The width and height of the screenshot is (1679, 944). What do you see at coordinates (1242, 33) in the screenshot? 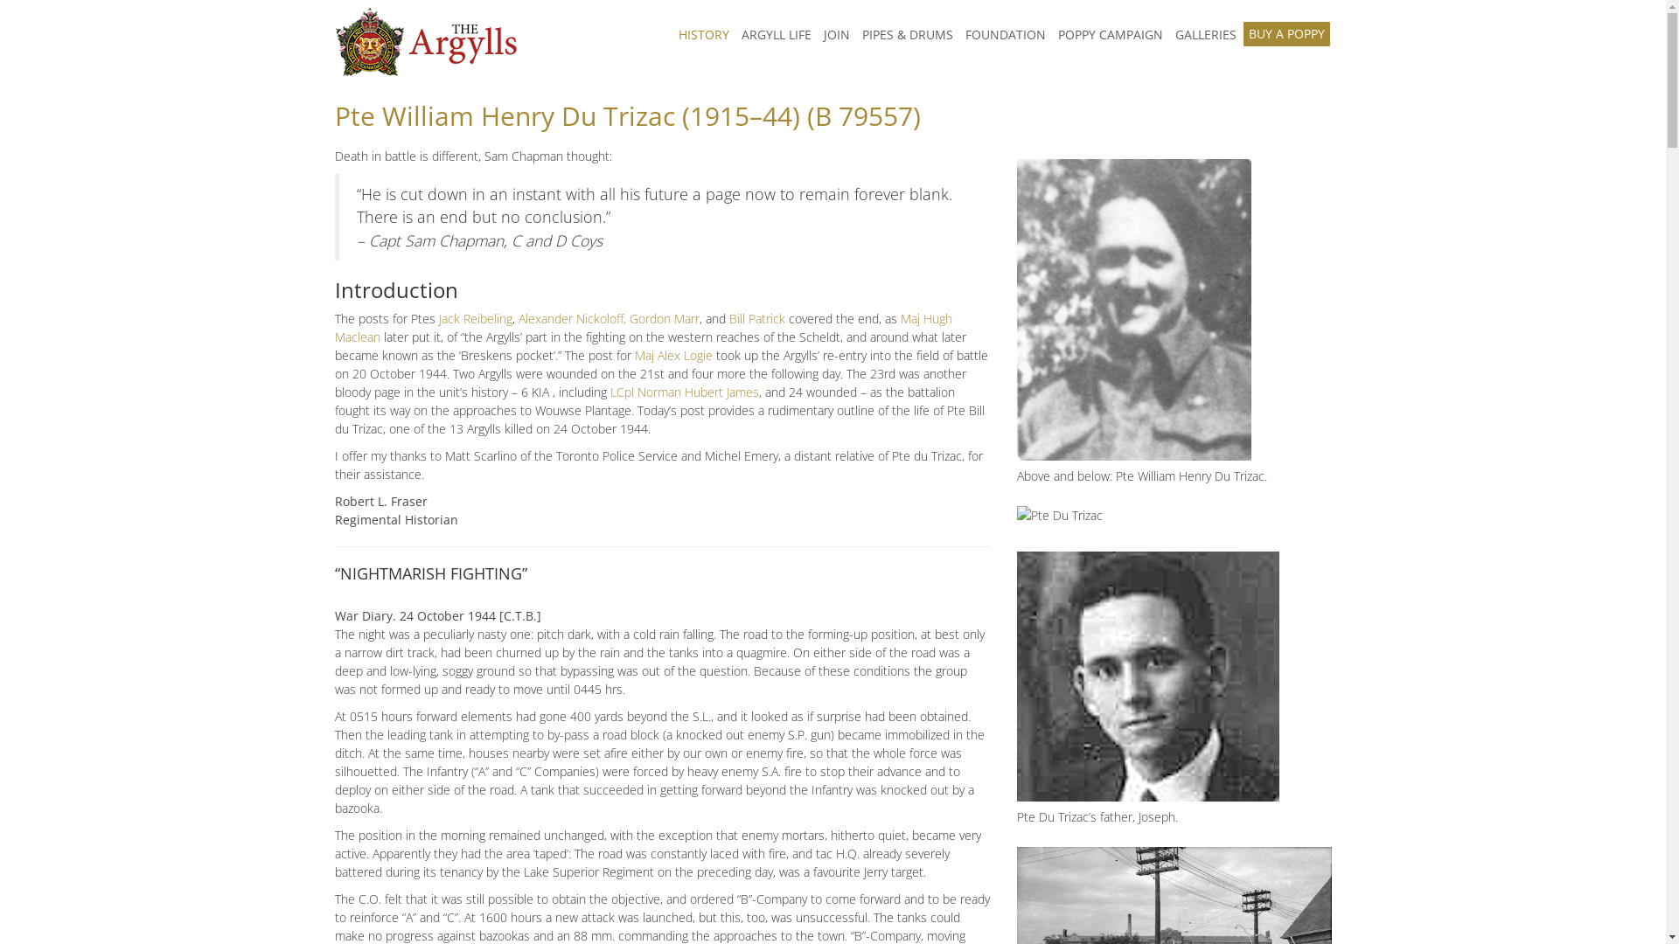
I see `'BUY A POPPY'` at bounding box center [1242, 33].